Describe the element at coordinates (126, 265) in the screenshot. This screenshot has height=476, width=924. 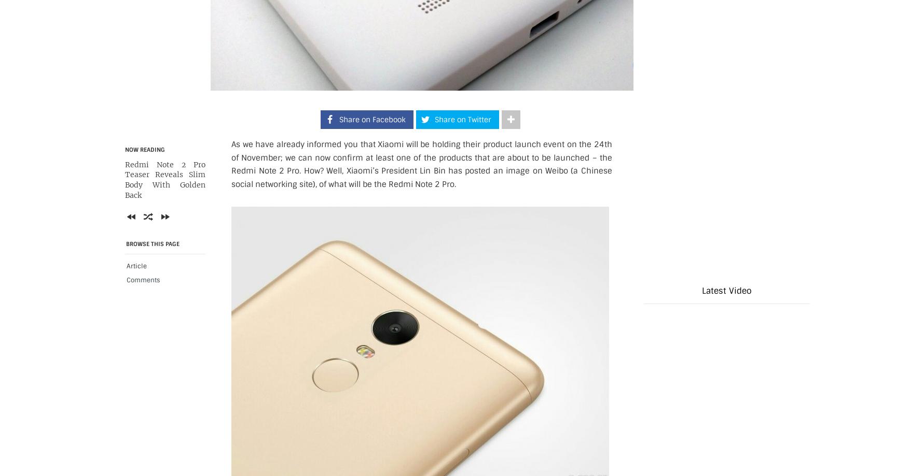
I see `'Article'` at that location.